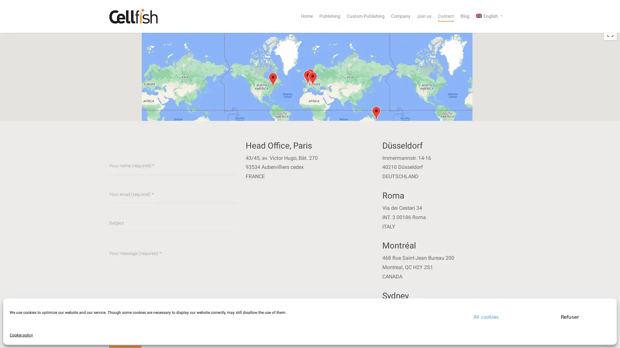 Image resolution: width=620 pixels, height=348 pixels. Describe the element at coordinates (610, 34) in the screenshot. I see `Toggle fullscreen view` at that location.